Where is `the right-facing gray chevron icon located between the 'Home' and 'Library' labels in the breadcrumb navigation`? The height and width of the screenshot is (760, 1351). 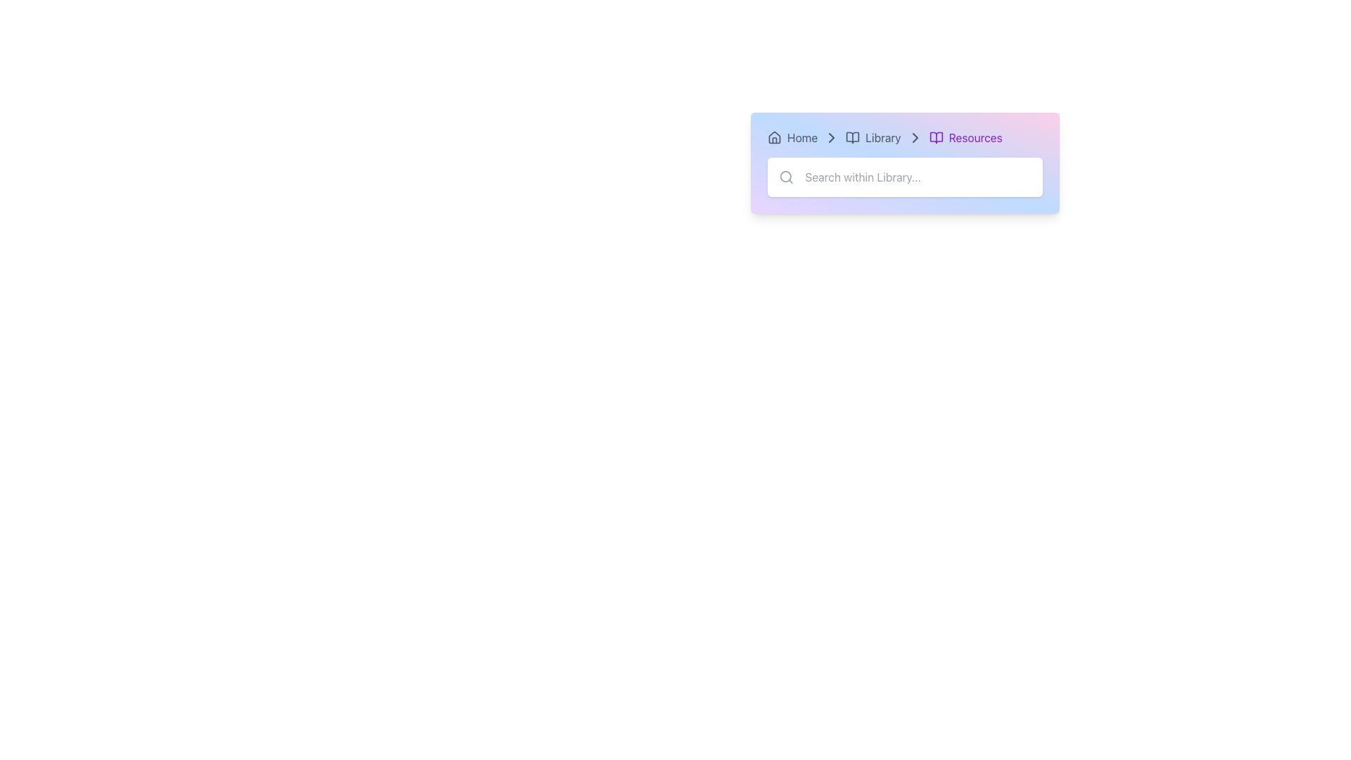
the right-facing gray chevron icon located between the 'Home' and 'Library' labels in the breadcrumb navigation is located at coordinates (832, 138).